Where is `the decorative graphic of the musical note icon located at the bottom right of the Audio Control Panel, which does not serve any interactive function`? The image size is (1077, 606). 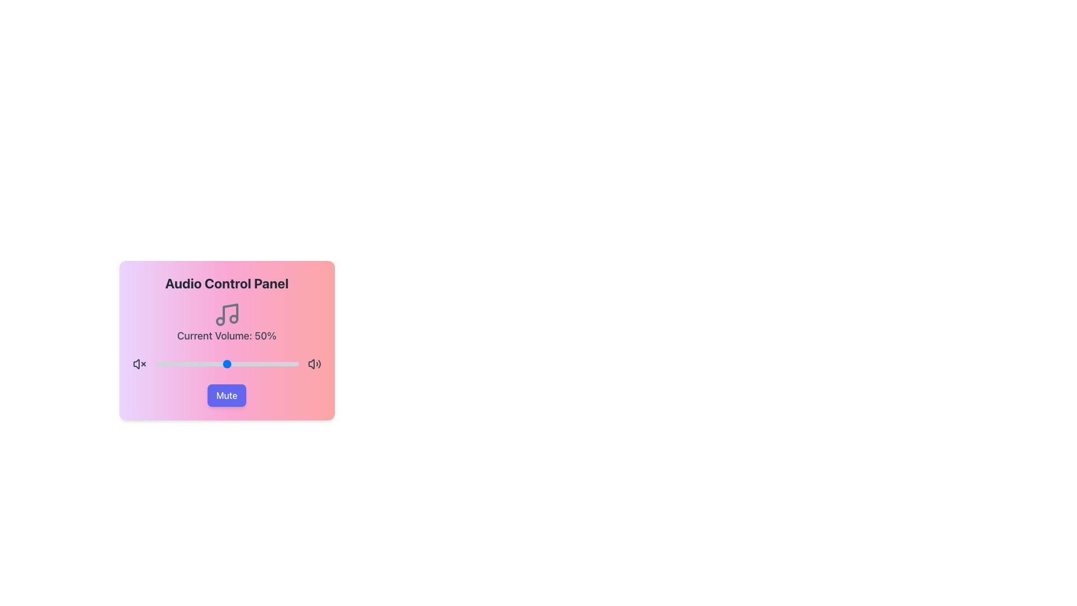 the decorative graphic of the musical note icon located at the bottom right of the Audio Control Panel, which does not serve any interactive function is located at coordinates (233, 319).